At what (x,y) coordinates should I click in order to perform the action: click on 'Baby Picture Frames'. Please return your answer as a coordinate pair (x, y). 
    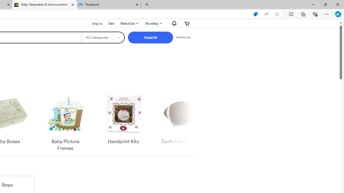
    Looking at the image, I should click on (65, 122).